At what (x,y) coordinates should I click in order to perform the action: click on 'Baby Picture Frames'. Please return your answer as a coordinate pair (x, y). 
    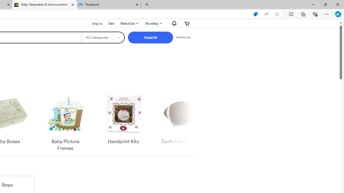
    Looking at the image, I should click on (65, 122).